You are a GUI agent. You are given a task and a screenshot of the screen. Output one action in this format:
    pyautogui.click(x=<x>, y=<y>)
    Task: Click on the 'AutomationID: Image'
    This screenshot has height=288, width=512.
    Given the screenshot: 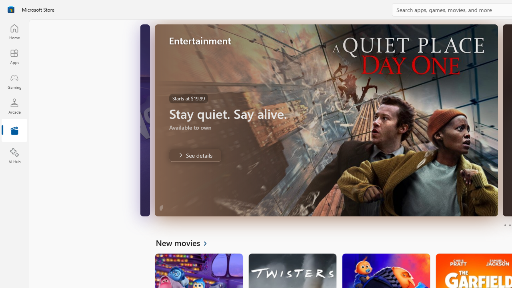 What is the action you would take?
    pyautogui.click(x=326, y=120)
    